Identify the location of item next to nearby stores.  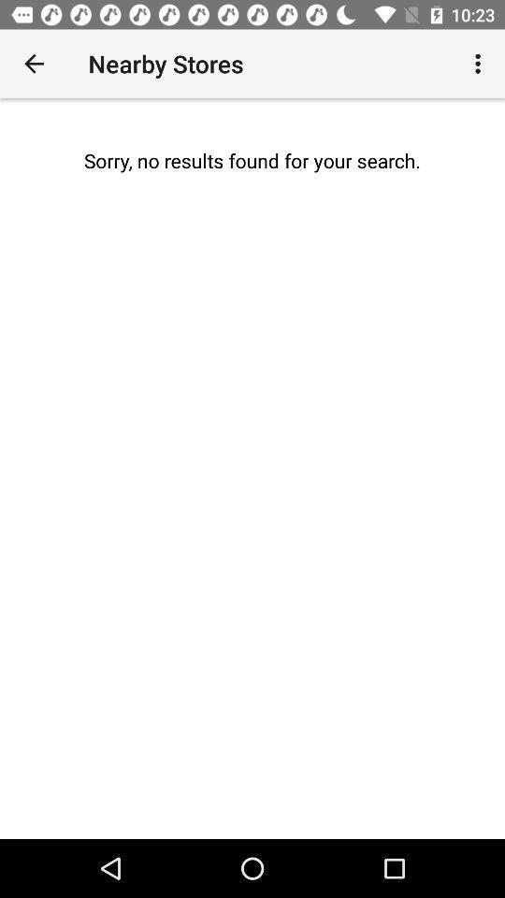
(34, 64).